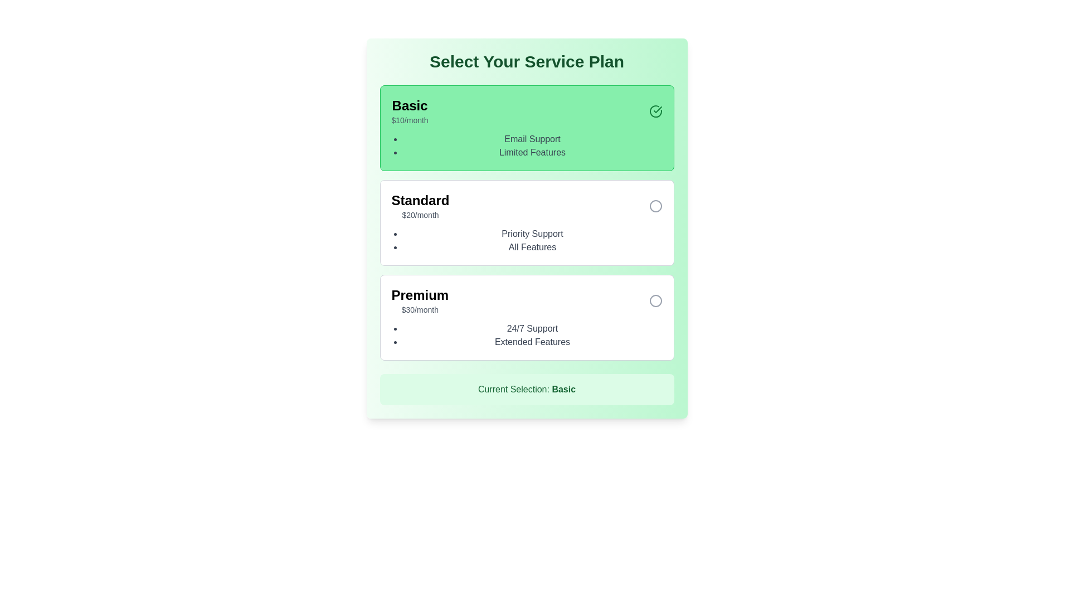  Describe the element at coordinates (563, 389) in the screenshot. I see `the Text Display that shows the currently selected subscription plan, positioned below the 'Current Selection:' label` at that location.